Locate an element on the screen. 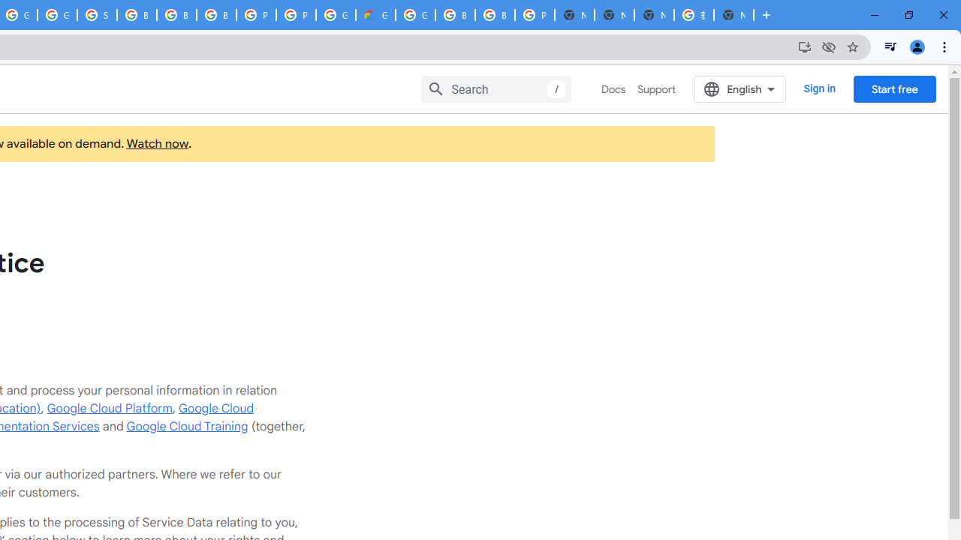 The image size is (961, 540). 'Browse Chrome as a guest - Computer - Google Chrome Help' is located at coordinates (176, 15).